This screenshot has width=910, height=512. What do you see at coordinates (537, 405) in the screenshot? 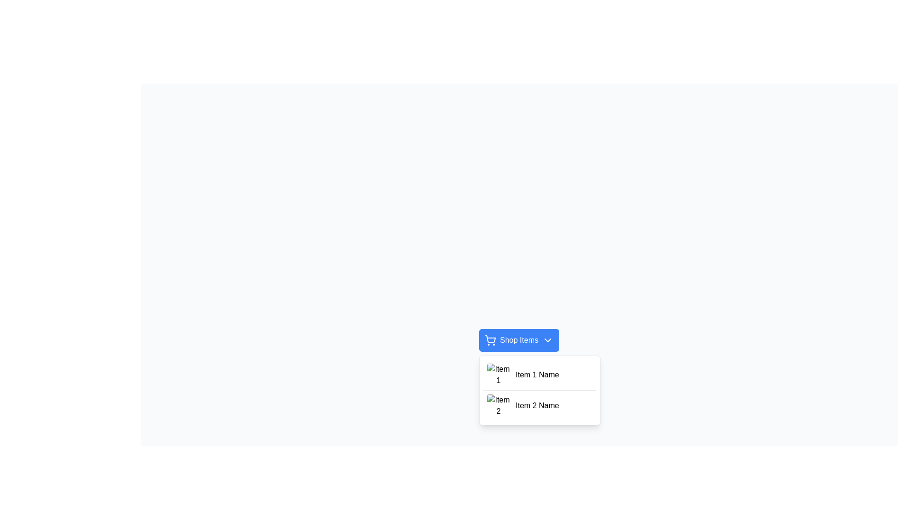
I see `text label displaying 'Item 2 Name' in the dropdown menu under the 'Shop Items' button` at bounding box center [537, 405].